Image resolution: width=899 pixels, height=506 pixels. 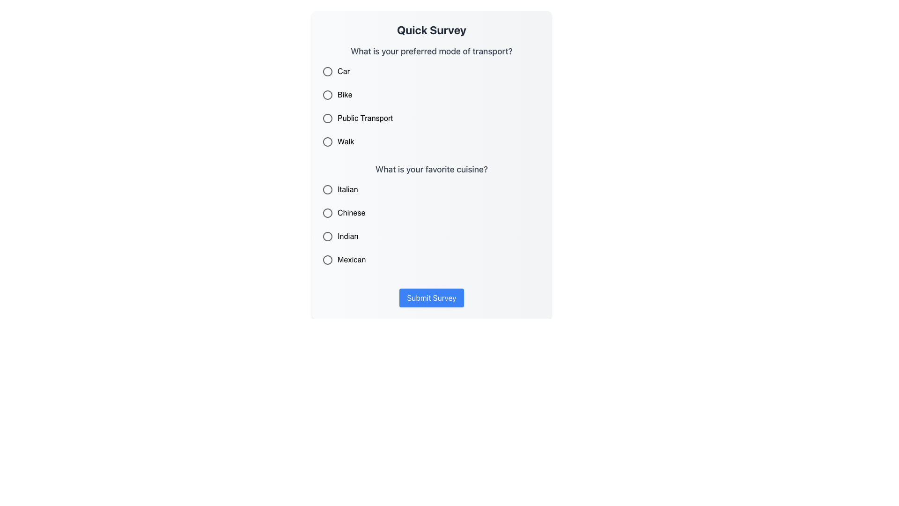 What do you see at coordinates (425, 95) in the screenshot?
I see `the 'Bike' radio button option in the survey` at bounding box center [425, 95].